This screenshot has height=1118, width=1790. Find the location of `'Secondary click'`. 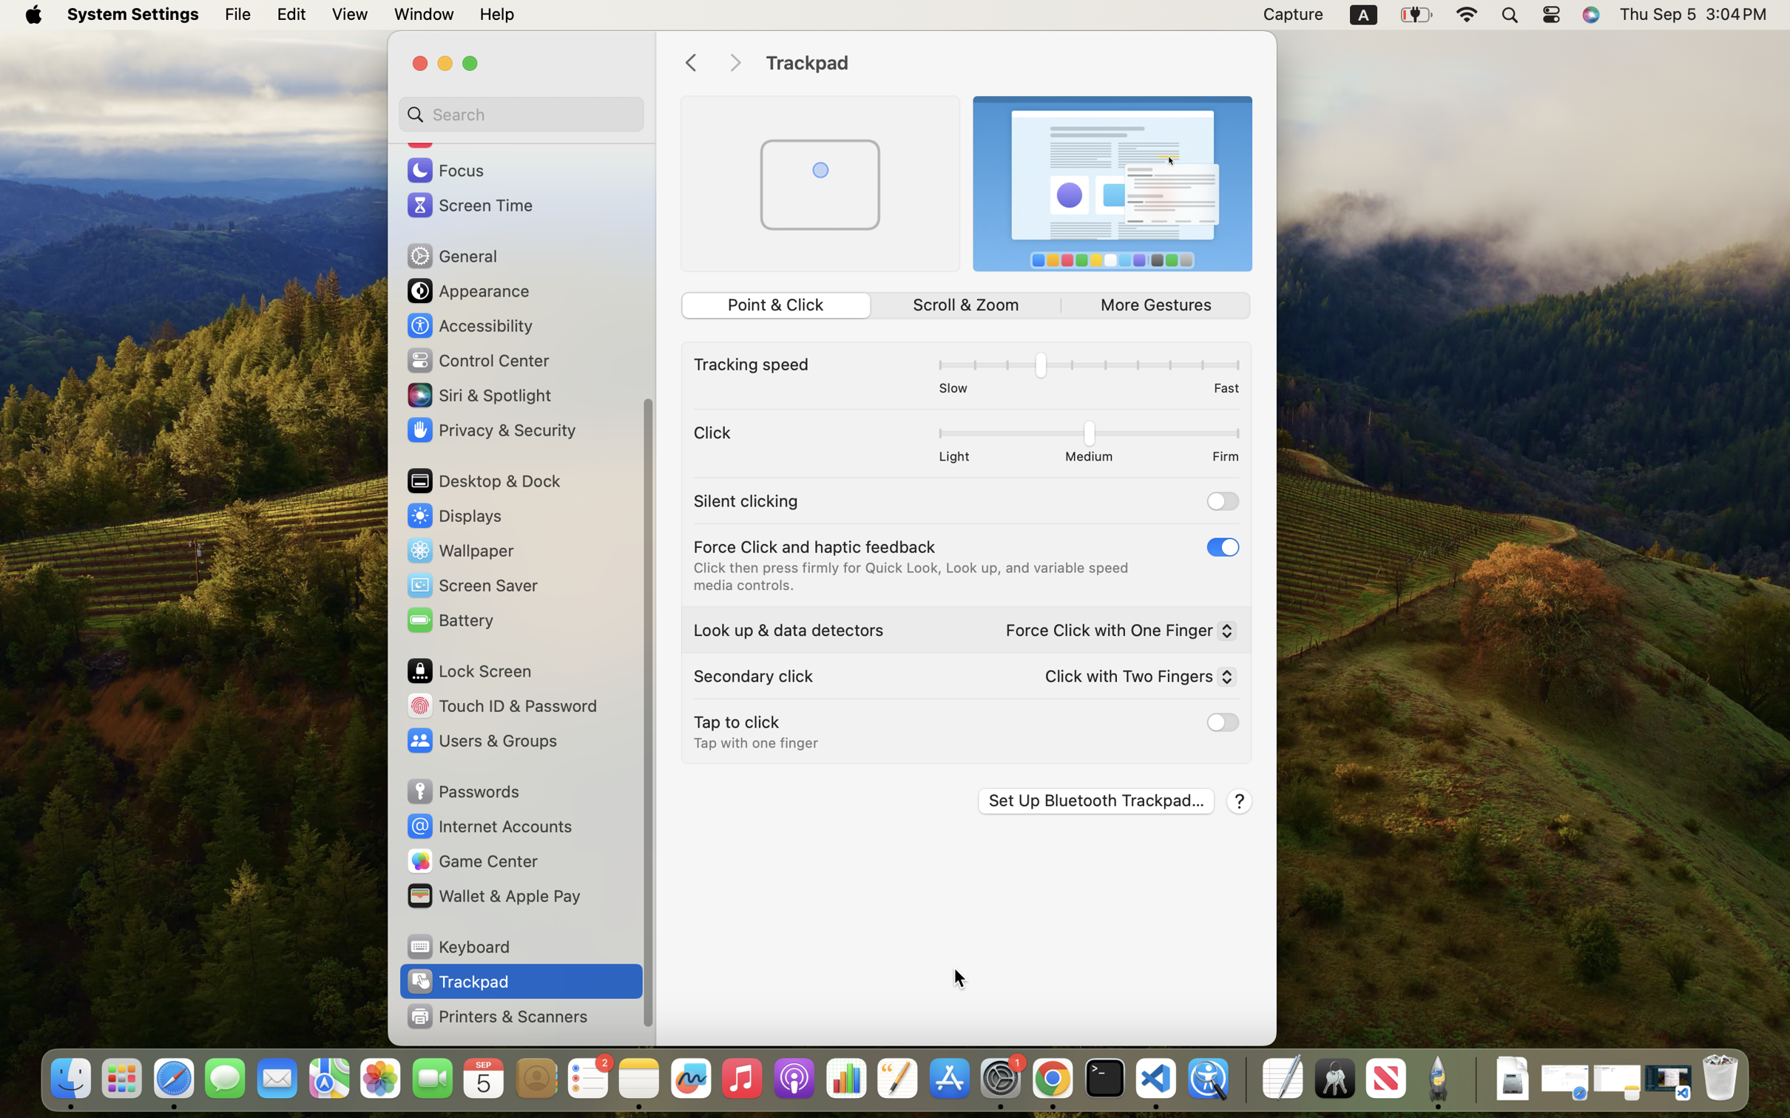

'Secondary click' is located at coordinates (753, 675).